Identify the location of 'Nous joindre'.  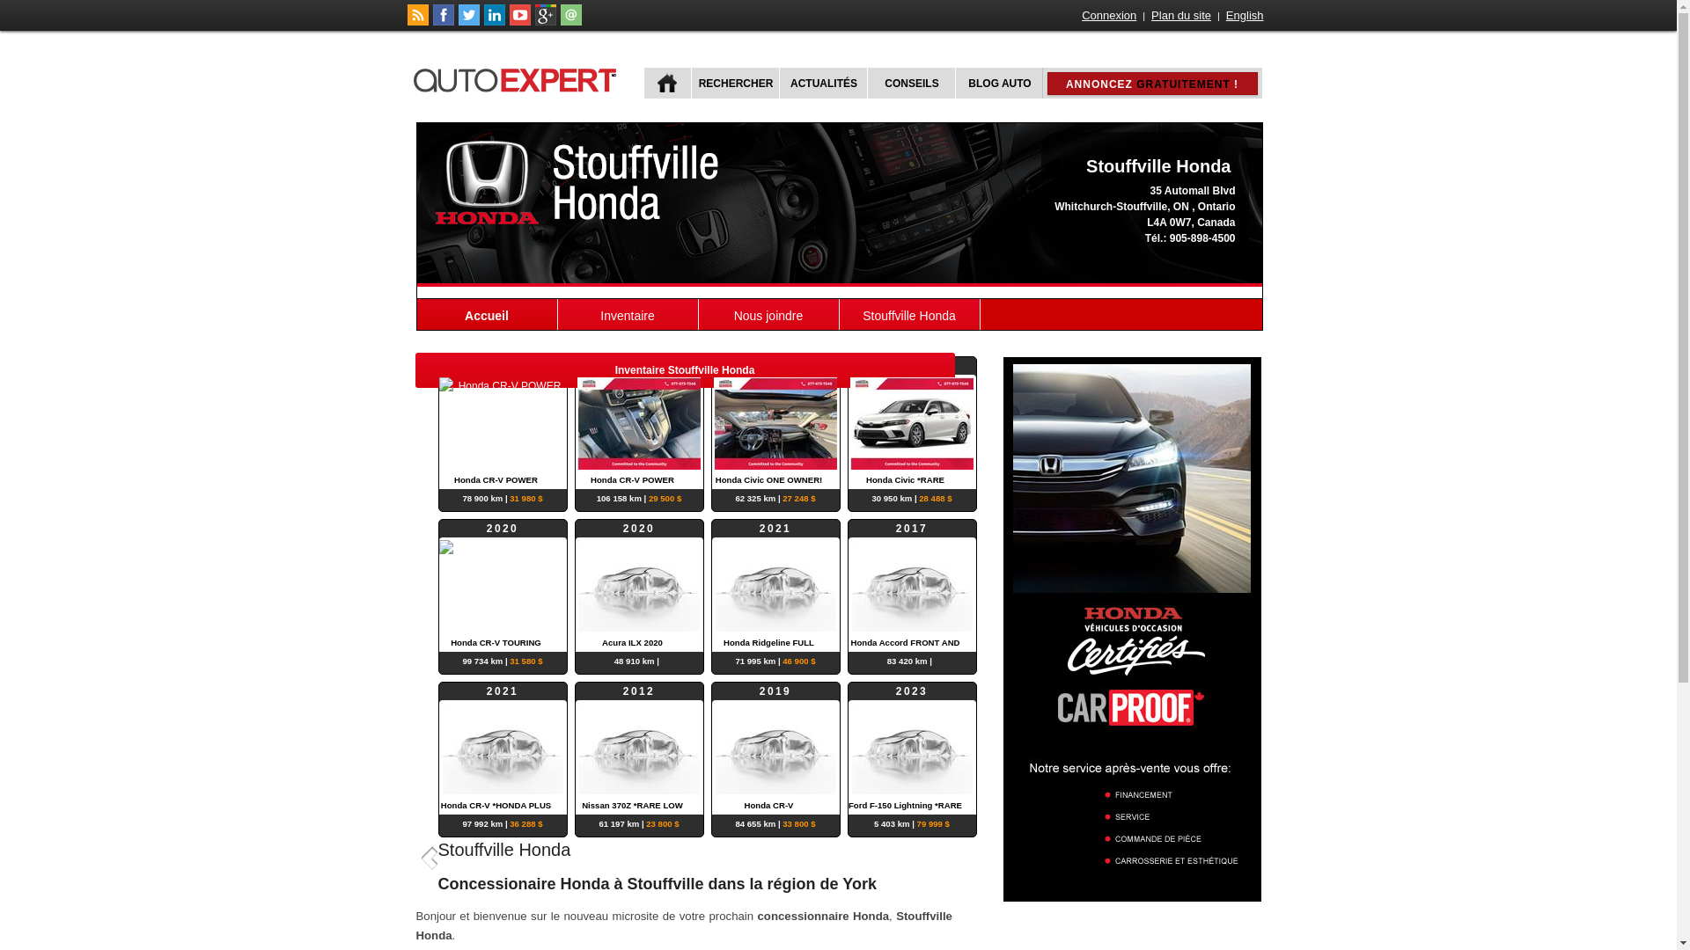
(697, 313).